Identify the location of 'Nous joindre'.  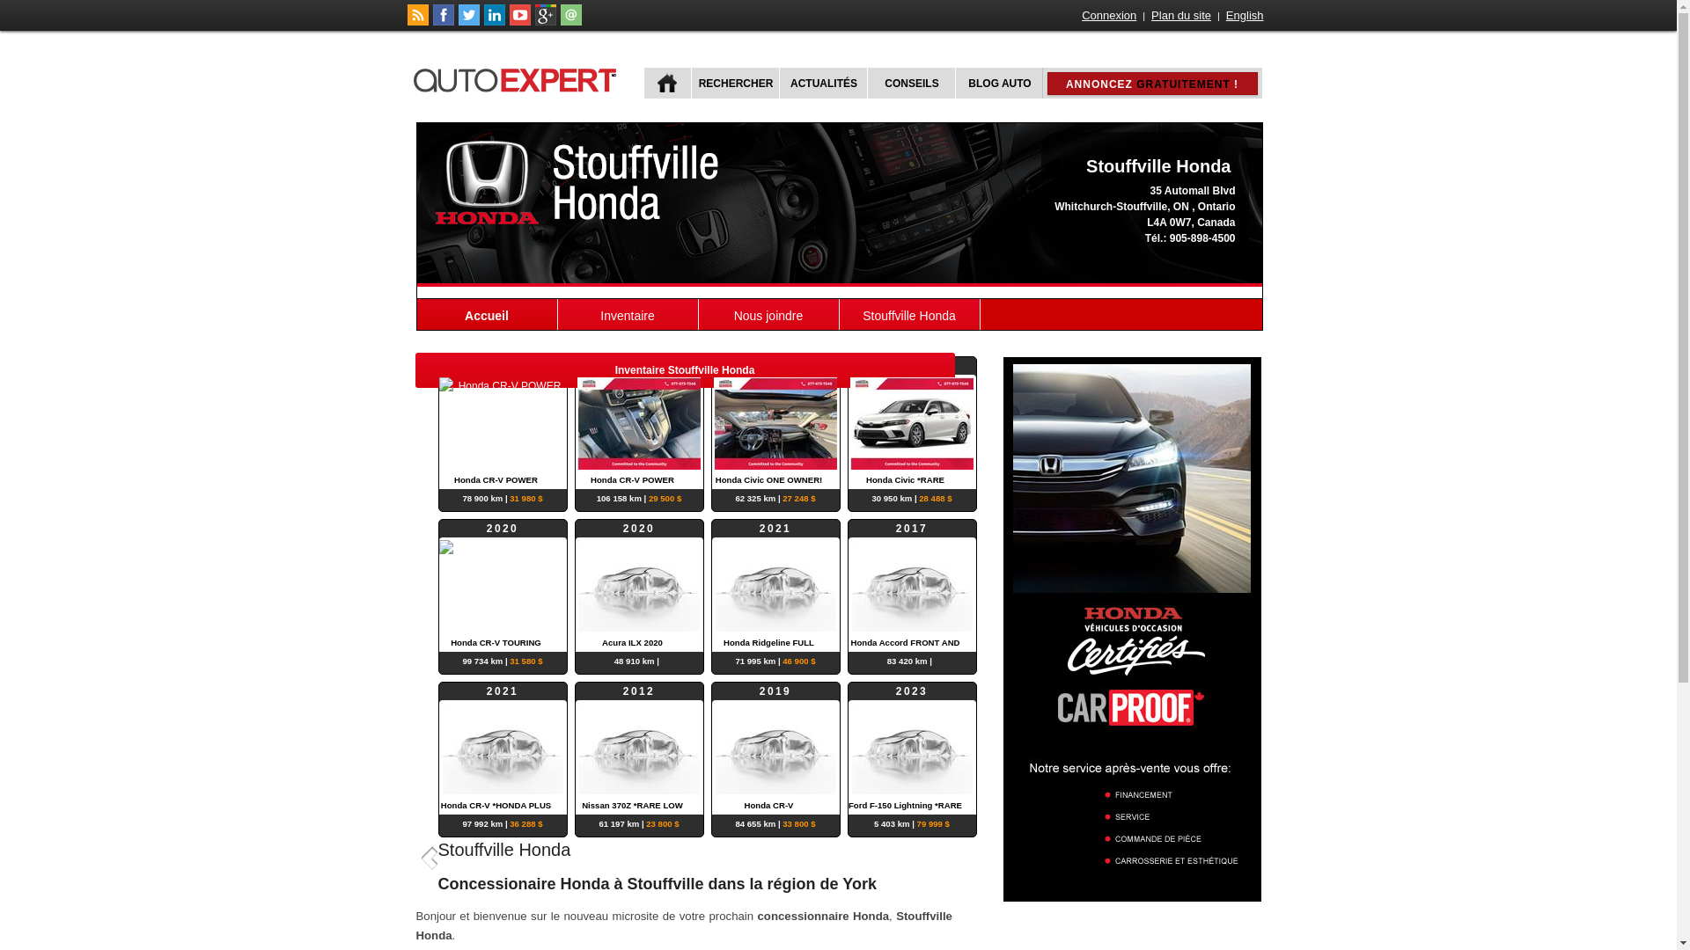
(697, 313).